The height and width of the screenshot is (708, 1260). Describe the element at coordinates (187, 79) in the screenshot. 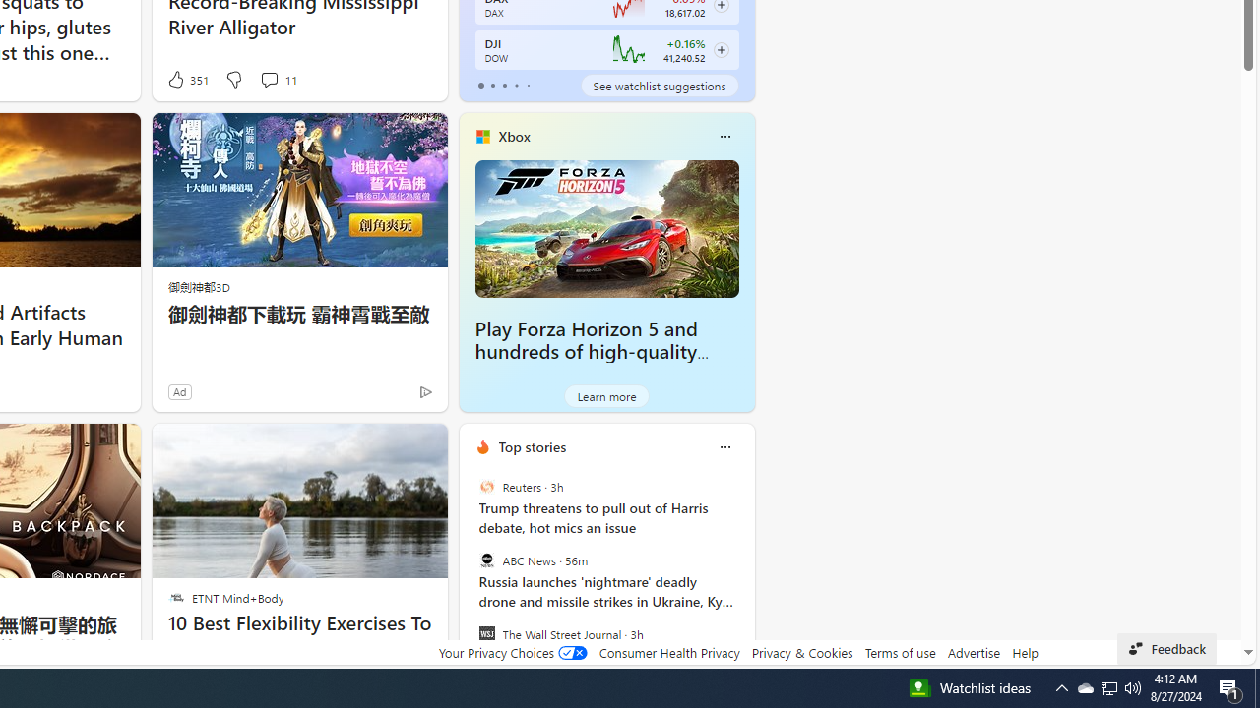

I see `'351 Like'` at that location.